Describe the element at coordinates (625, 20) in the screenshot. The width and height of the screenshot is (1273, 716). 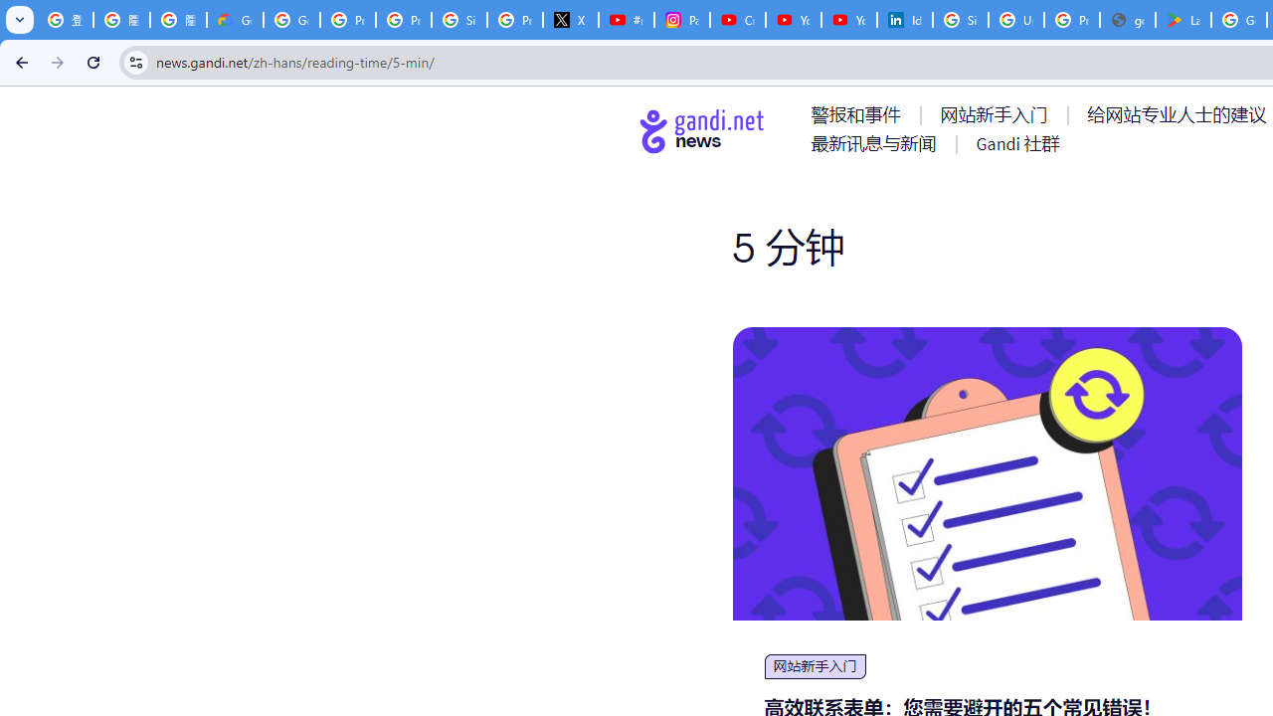
I see `'#nbabasketballhighlights - YouTube'` at that location.